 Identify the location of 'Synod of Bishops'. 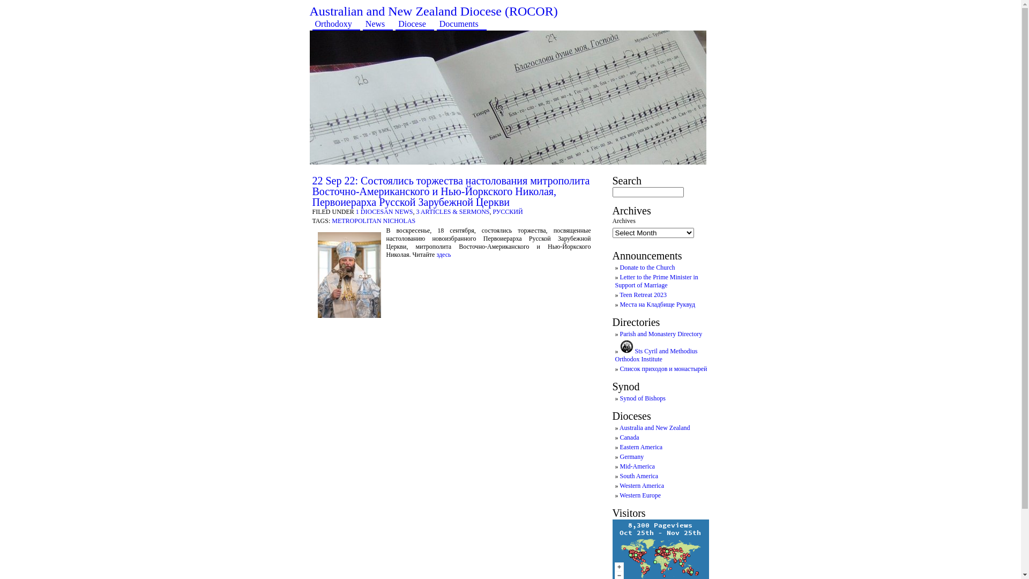
(642, 398).